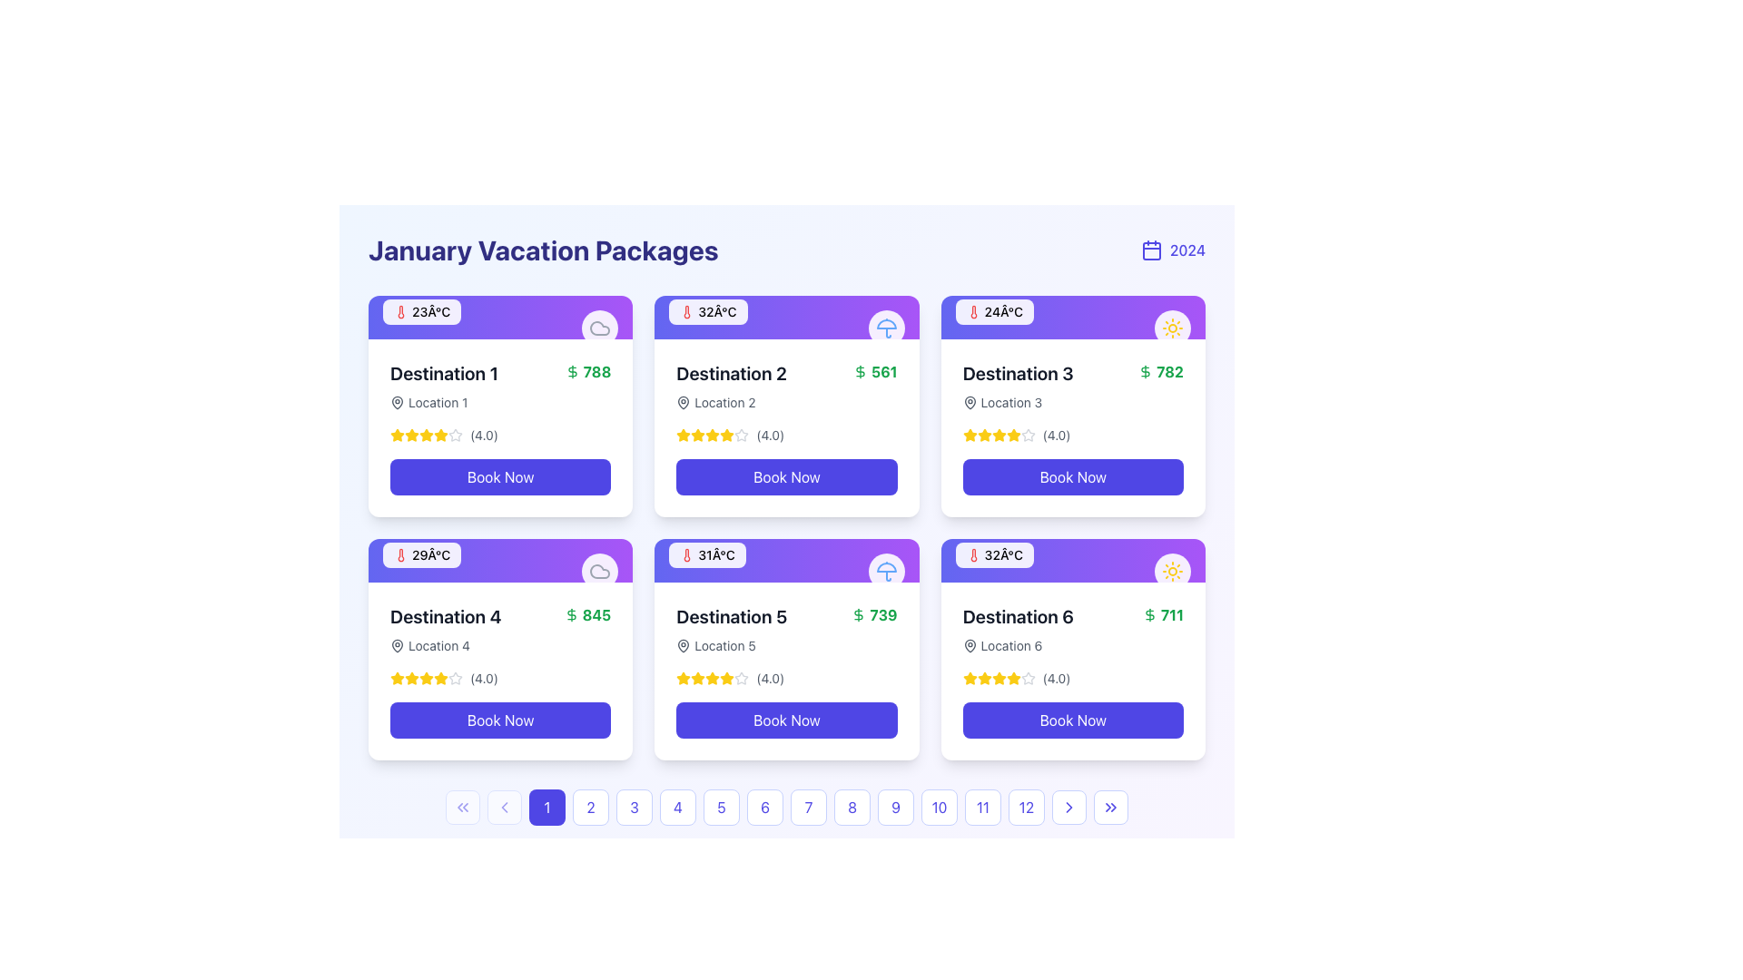 Image resolution: width=1743 pixels, height=980 pixels. I want to click on the text label displaying the string '(4.0)' which is styled in gray and positioned next to the star-rating visual component in the second card under 'Destination 2', so click(770, 435).